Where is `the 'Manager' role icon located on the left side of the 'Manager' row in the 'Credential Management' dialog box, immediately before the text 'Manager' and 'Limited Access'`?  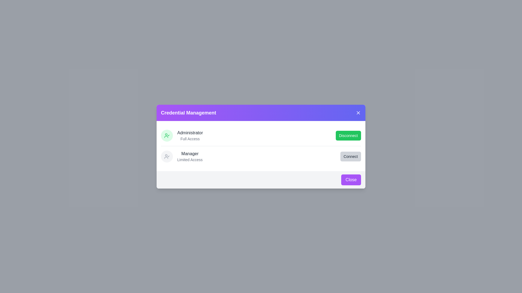 the 'Manager' role icon located on the left side of the 'Manager' row in the 'Credential Management' dialog box, immediately before the text 'Manager' and 'Limited Access' is located at coordinates (167, 156).